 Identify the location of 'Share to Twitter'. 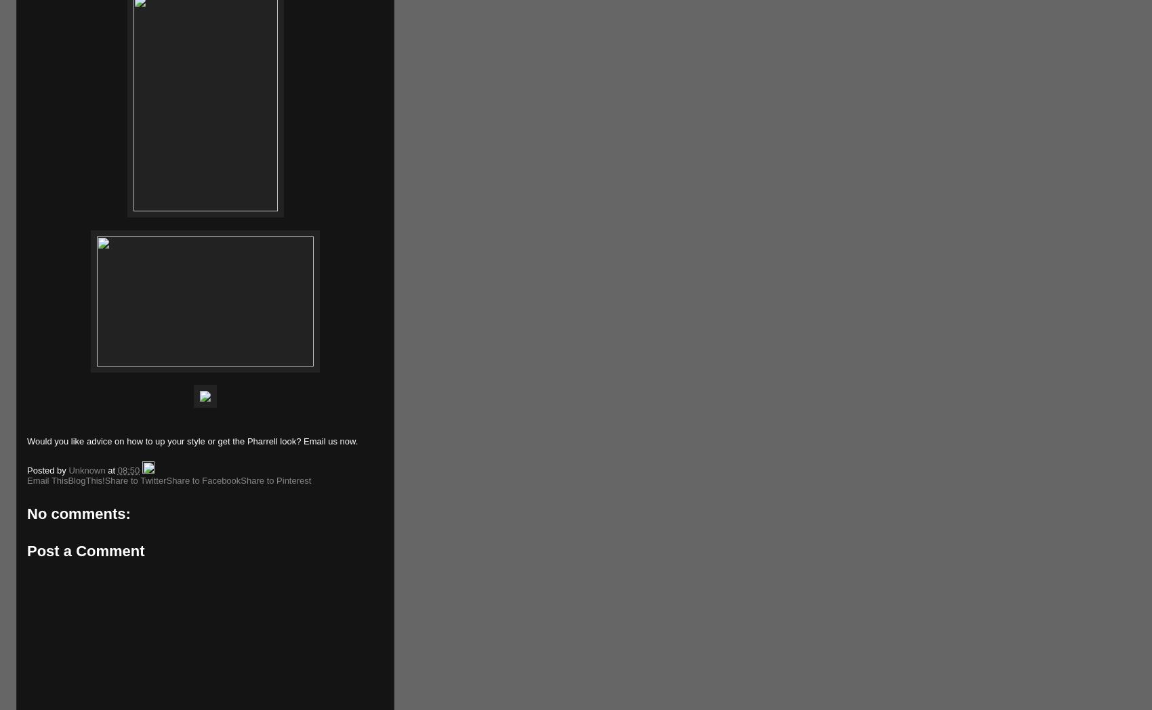
(134, 479).